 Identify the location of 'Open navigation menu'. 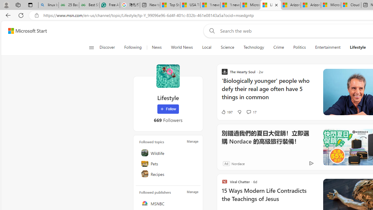
(91, 47).